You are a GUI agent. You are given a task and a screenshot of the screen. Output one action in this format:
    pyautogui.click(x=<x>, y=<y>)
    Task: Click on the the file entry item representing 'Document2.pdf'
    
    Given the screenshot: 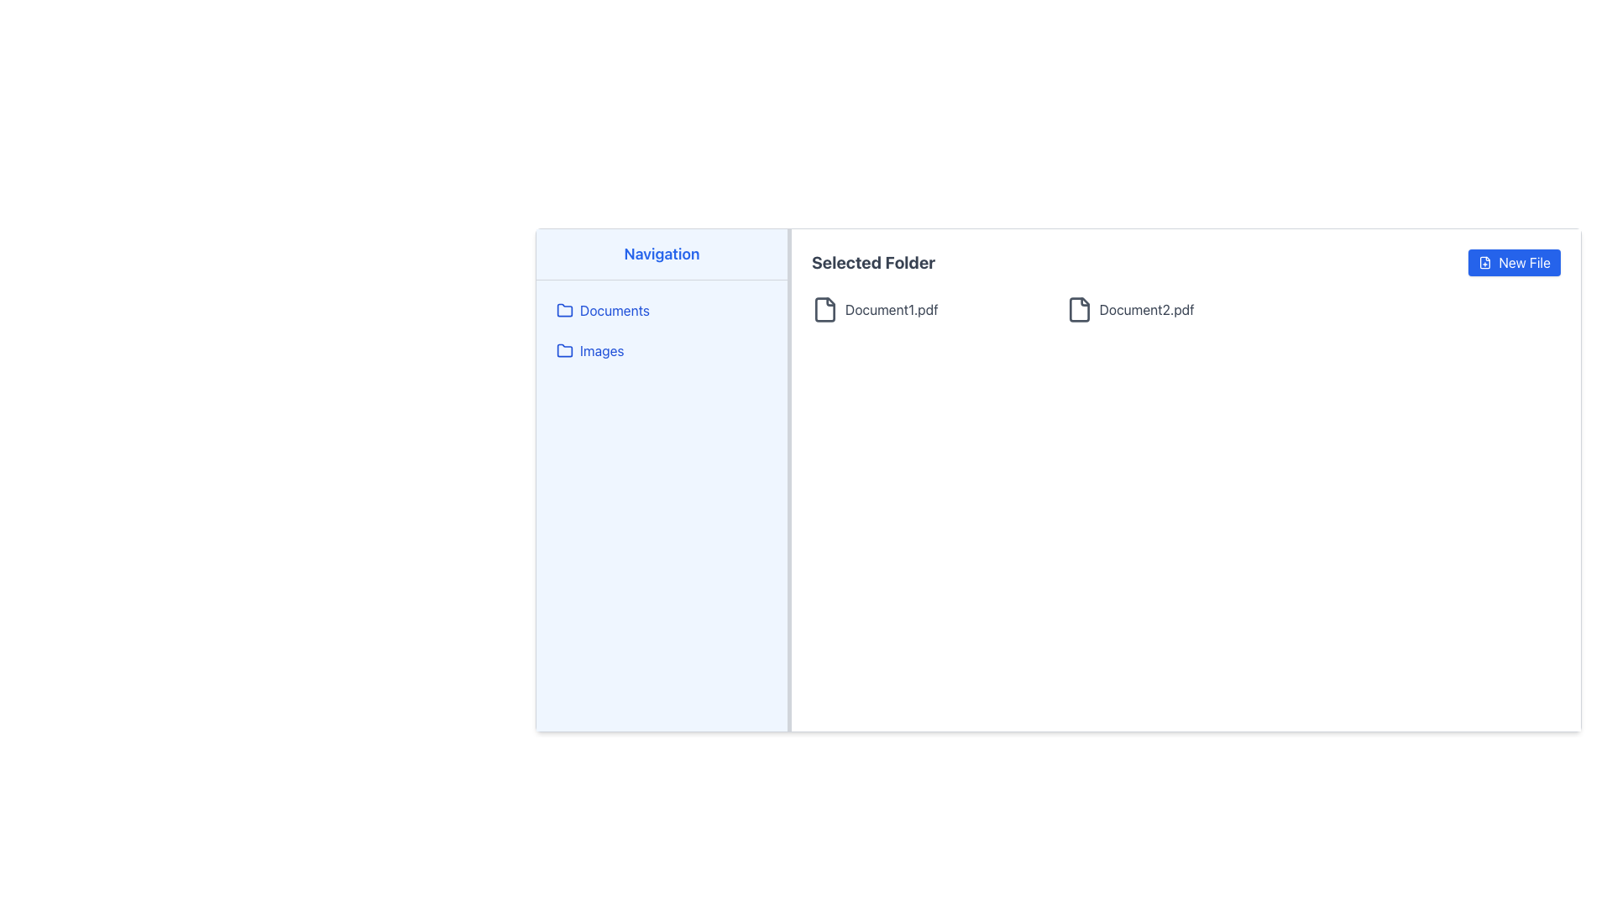 What is the action you would take?
    pyautogui.click(x=1185, y=310)
    